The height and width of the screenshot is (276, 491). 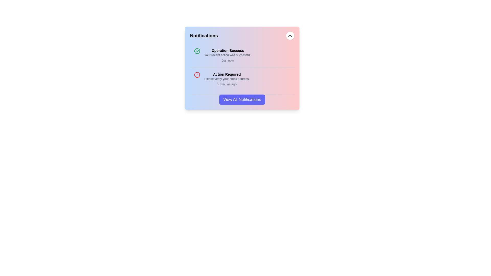 What do you see at coordinates (242, 74) in the screenshot?
I see `a notification within the Notification List section of the notification panel` at bounding box center [242, 74].